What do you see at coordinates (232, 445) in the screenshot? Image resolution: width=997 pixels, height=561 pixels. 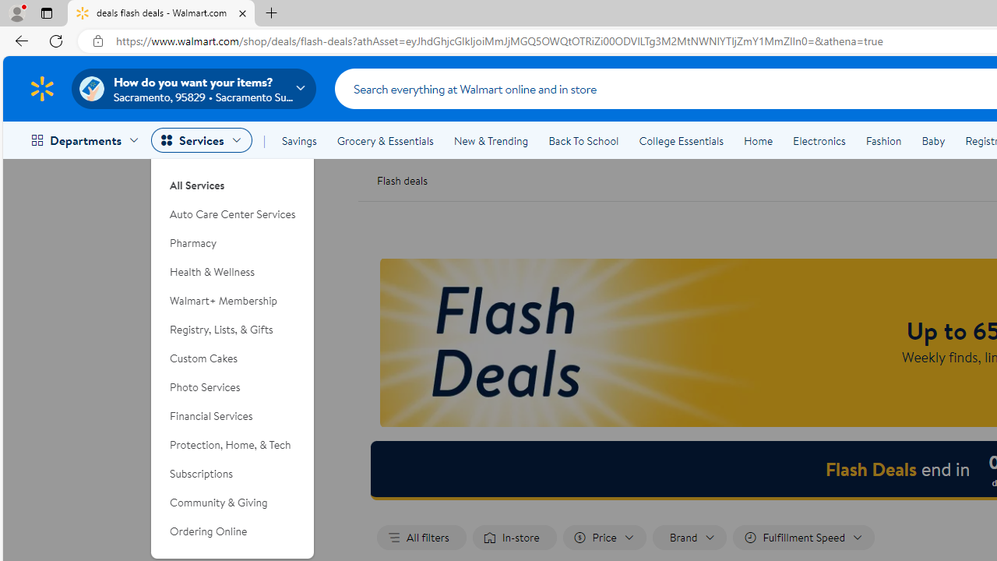 I see `'Protection, Home, & Tech'` at bounding box center [232, 445].